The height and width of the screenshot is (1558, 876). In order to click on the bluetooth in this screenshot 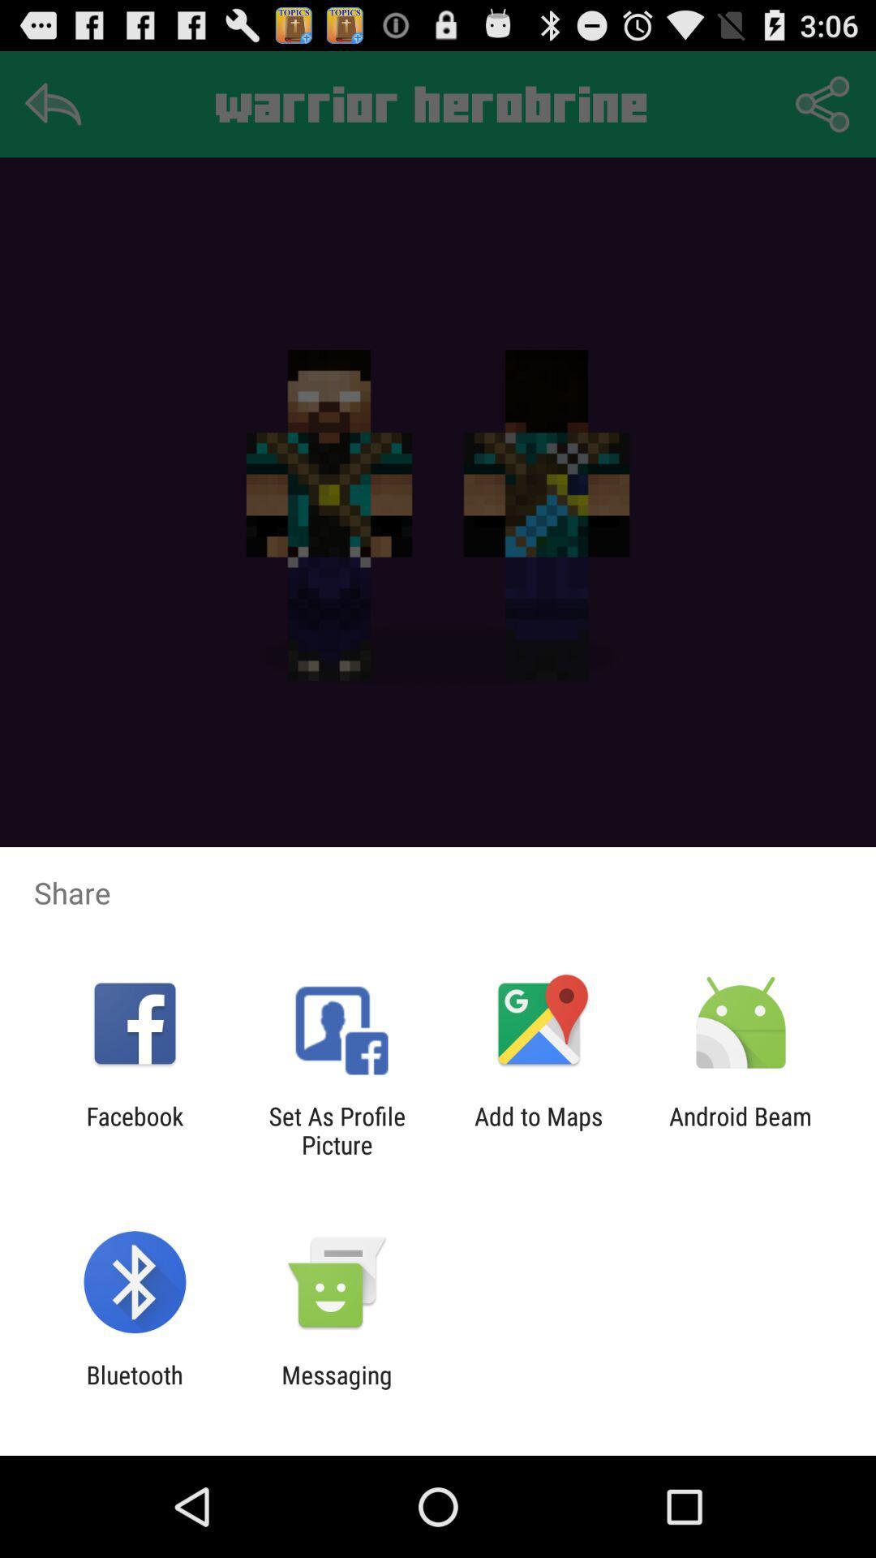, I will do `click(134, 1388)`.